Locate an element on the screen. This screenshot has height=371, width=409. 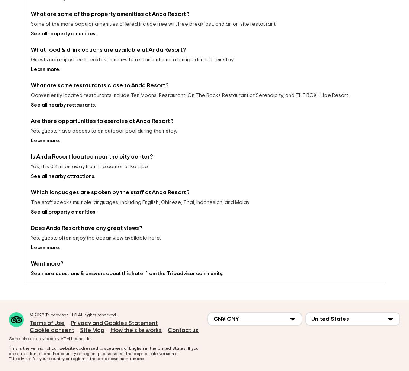
'English' is located at coordinates (136, 341).